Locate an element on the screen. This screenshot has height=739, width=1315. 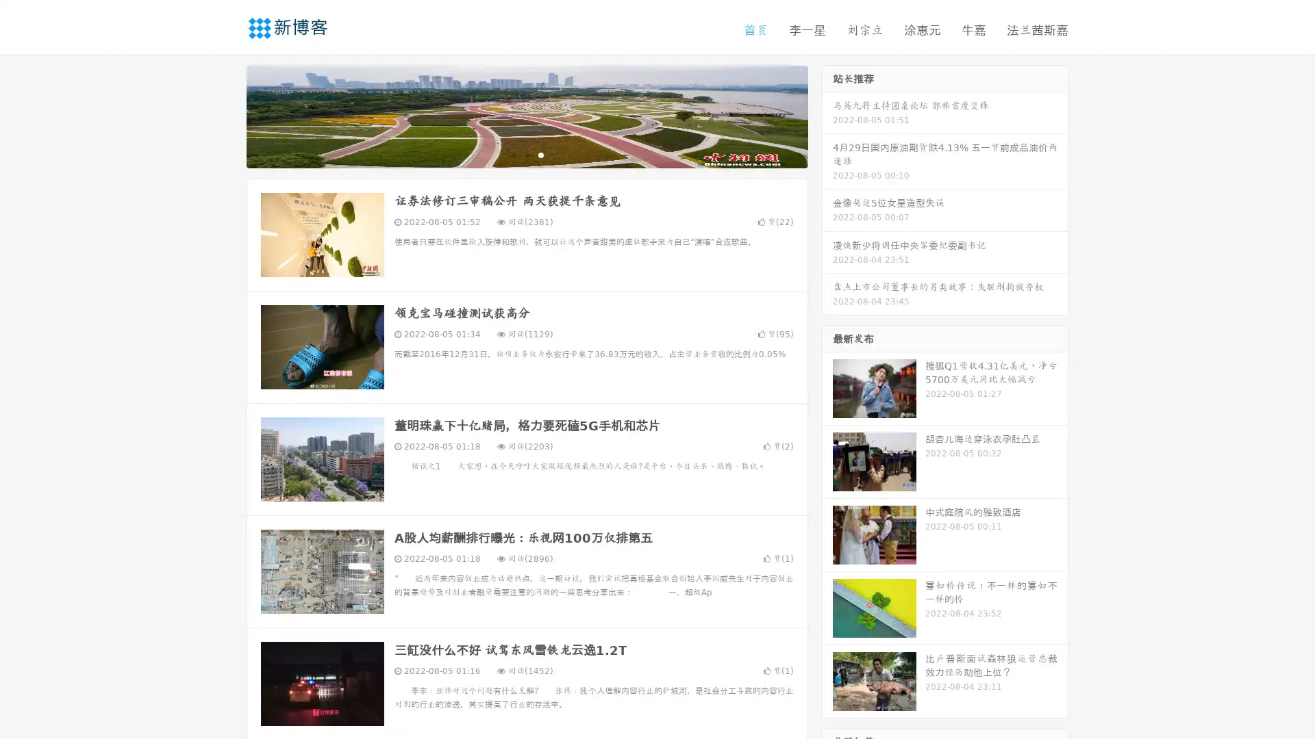
Go to slide 2 is located at coordinates (526, 154).